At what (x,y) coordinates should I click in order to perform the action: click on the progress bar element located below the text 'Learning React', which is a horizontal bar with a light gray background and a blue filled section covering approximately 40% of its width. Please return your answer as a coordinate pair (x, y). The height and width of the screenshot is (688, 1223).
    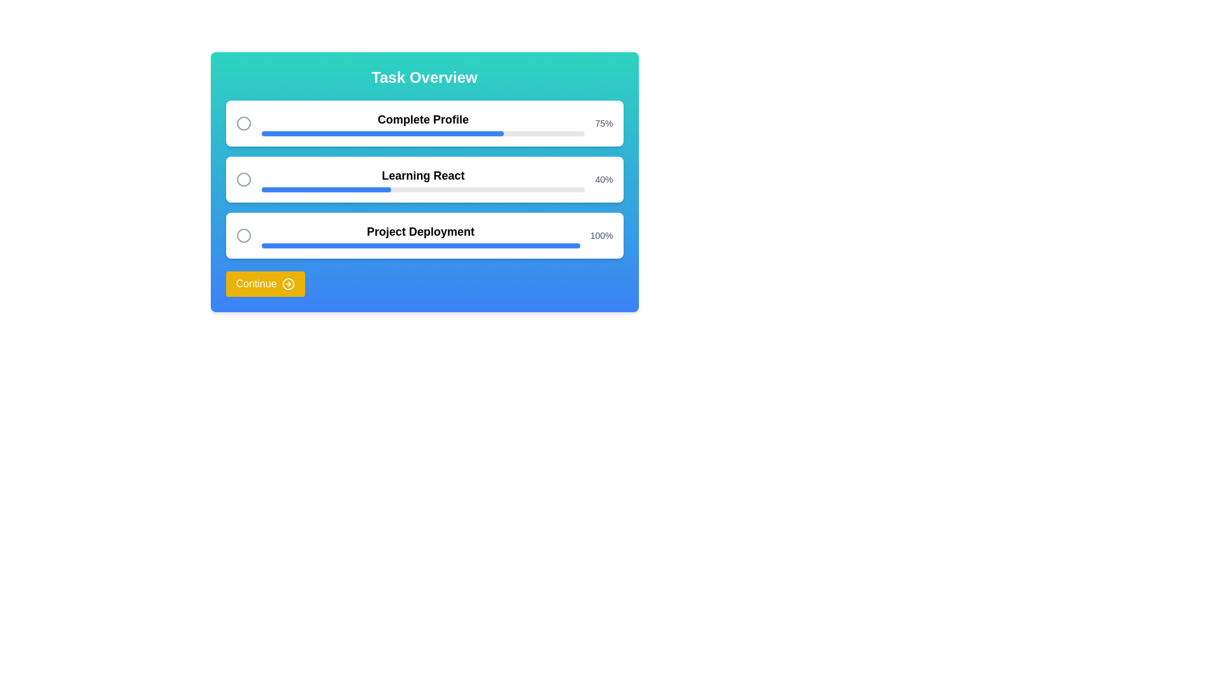
    Looking at the image, I should click on (423, 189).